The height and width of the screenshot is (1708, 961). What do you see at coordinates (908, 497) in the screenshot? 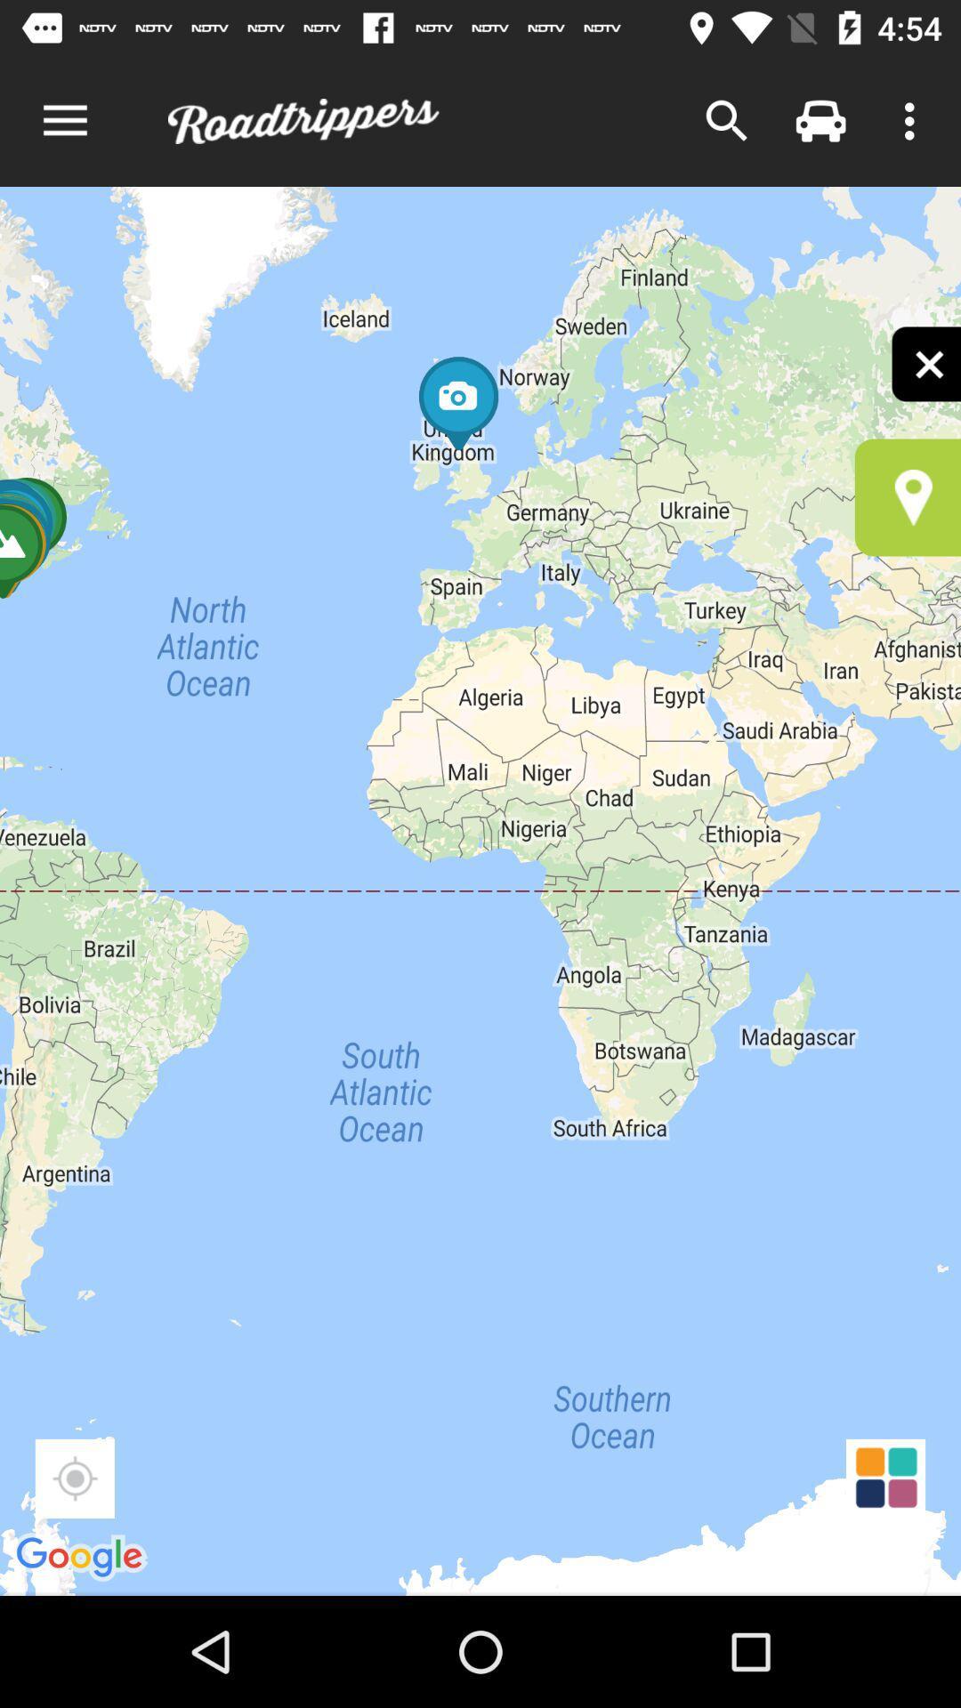
I see `place a map pin` at bounding box center [908, 497].